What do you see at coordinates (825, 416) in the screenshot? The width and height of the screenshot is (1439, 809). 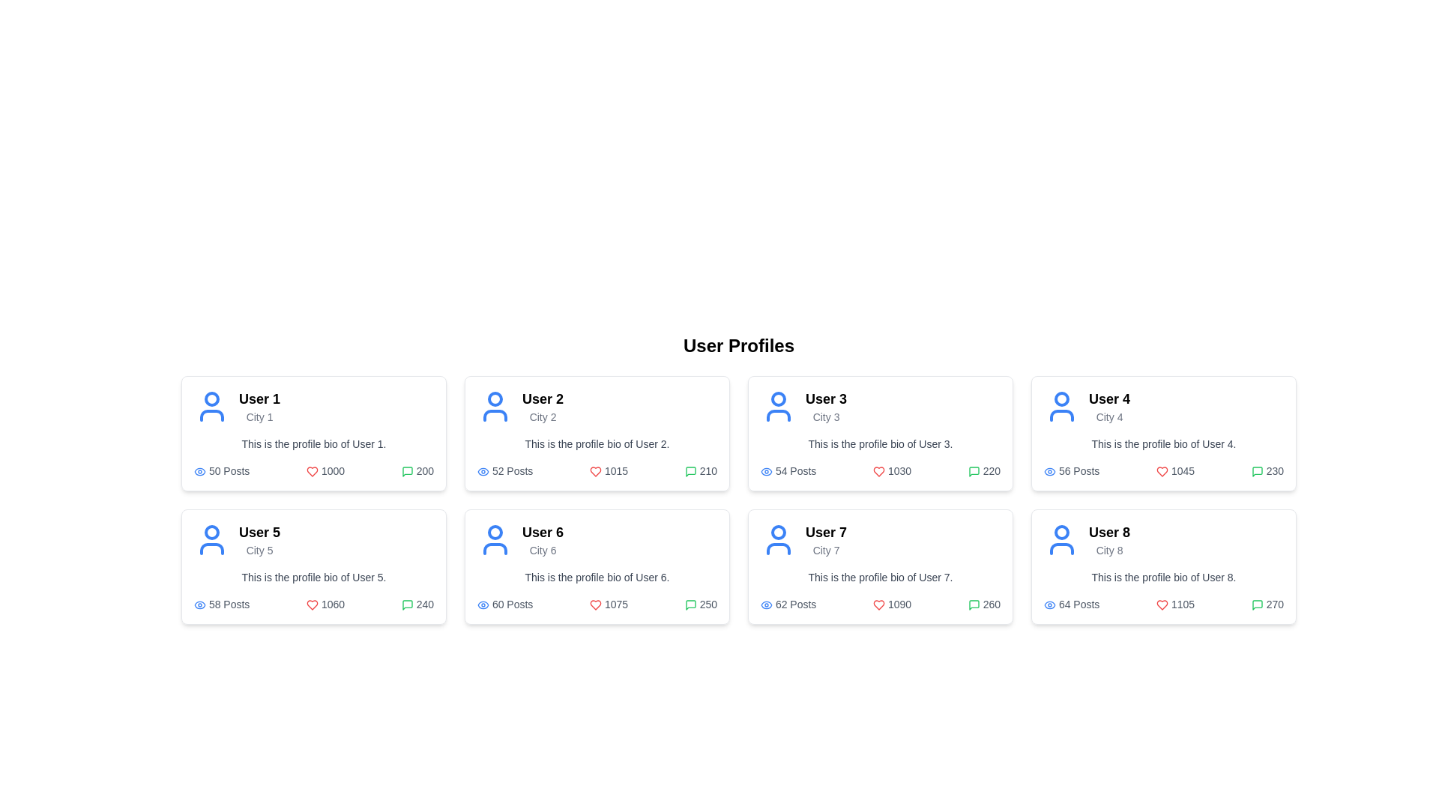 I see `the label displaying 'City 3' in light gray font, located below the 'User 3' heading in the user profile grid` at bounding box center [825, 416].